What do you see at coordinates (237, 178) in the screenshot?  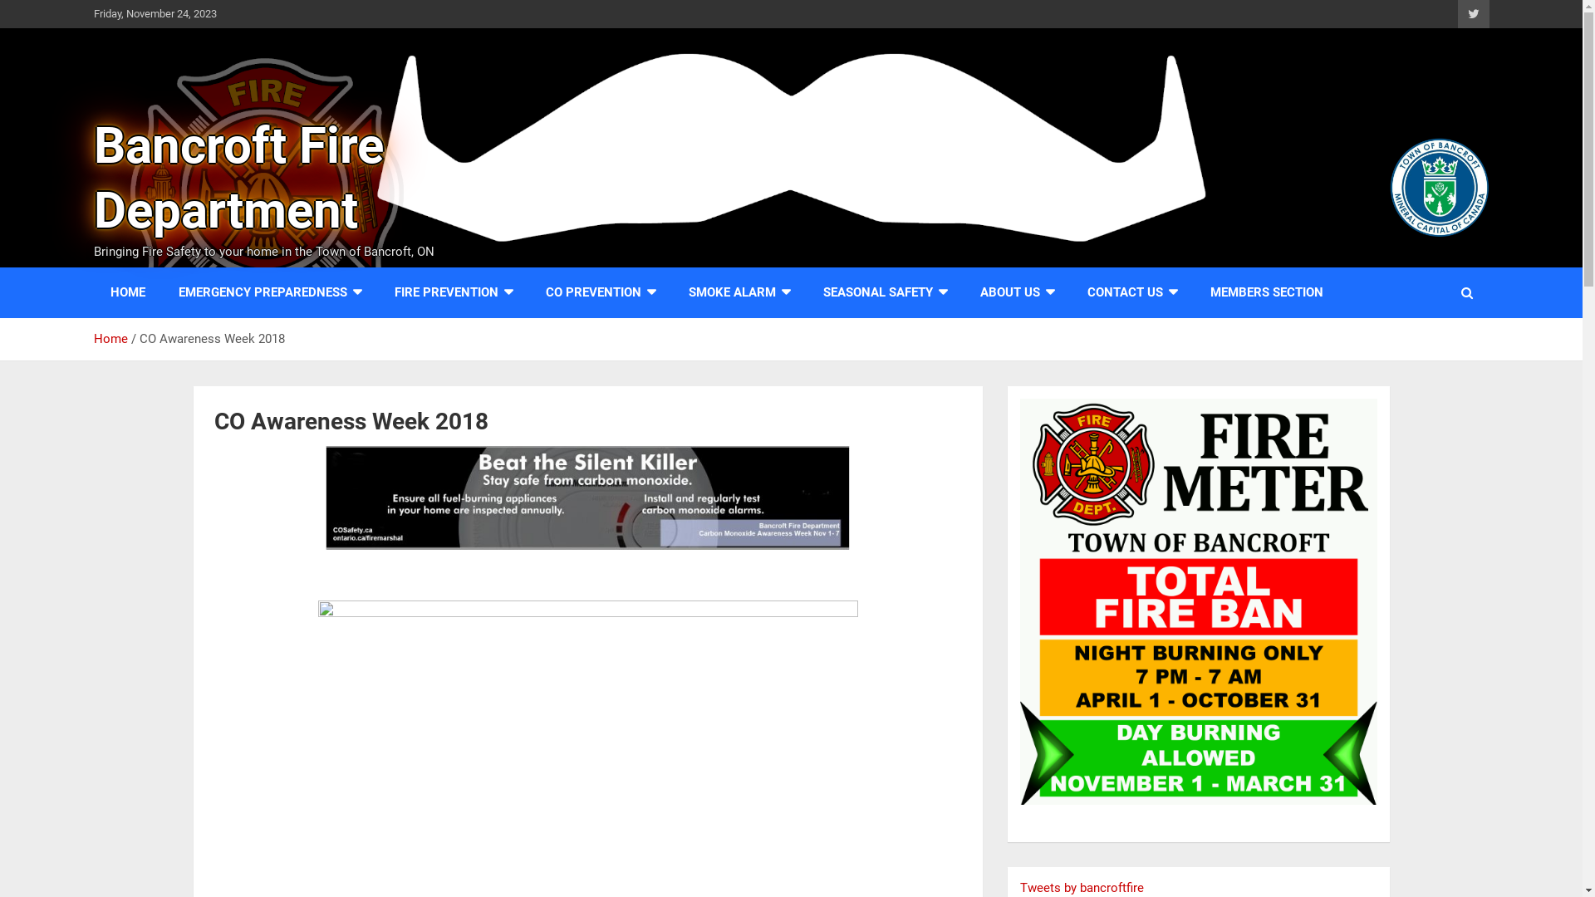 I see `'Bancroft Fire Department'` at bounding box center [237, 178].